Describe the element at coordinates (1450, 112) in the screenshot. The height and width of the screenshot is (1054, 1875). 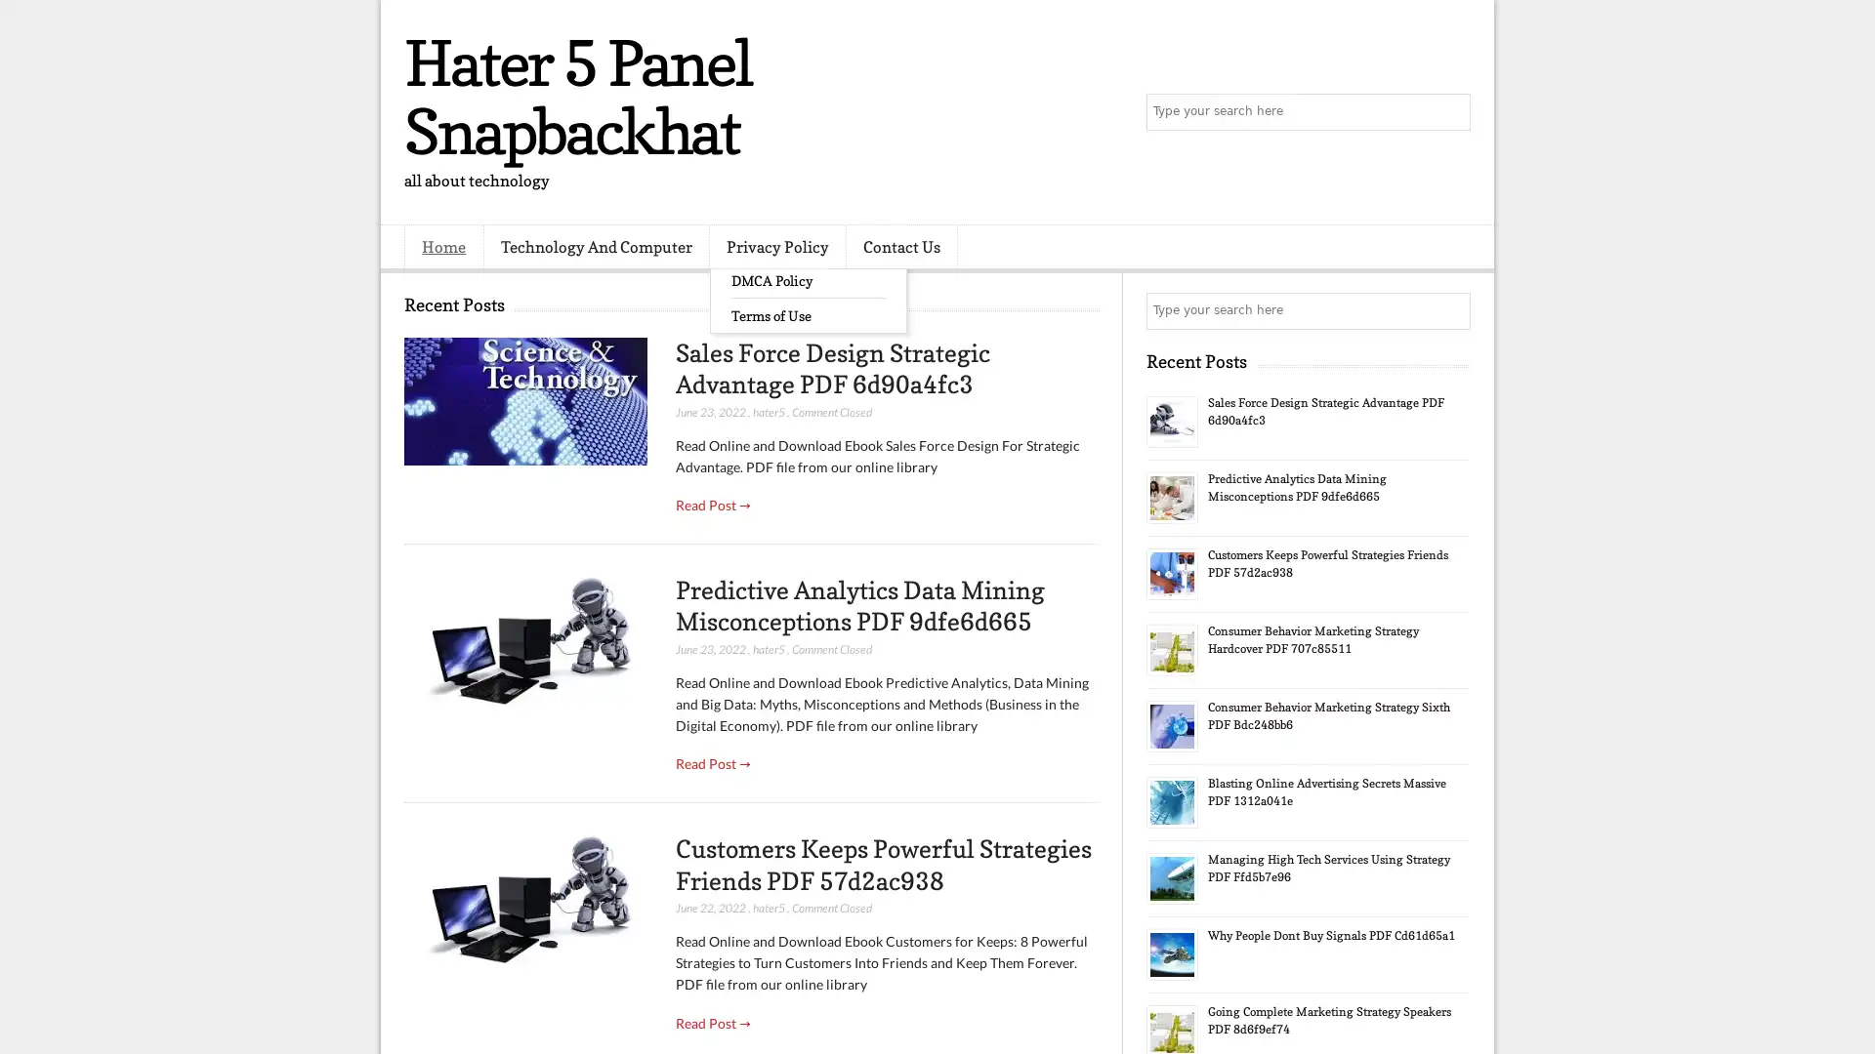
I see `Search` at that location.